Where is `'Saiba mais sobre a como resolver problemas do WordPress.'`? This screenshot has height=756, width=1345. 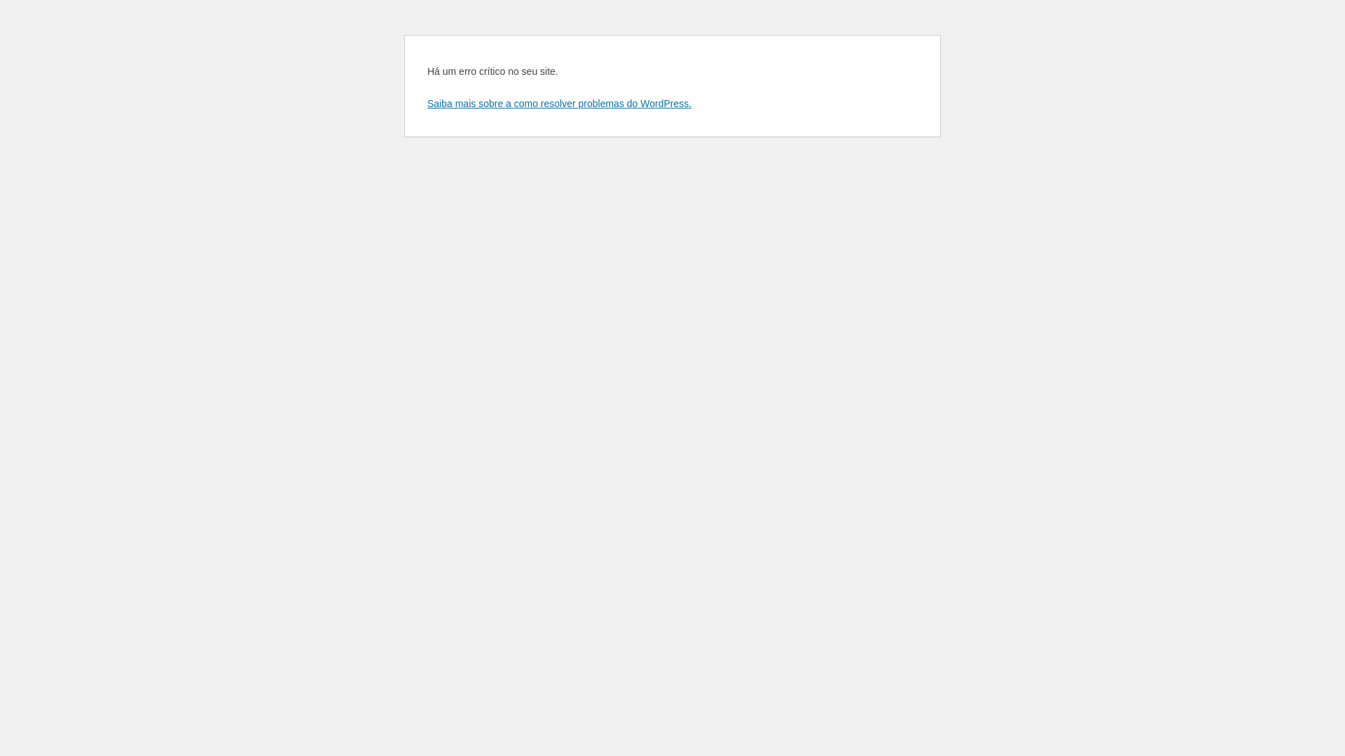
'Saiba mais sobre a como resolver problemas do WordPress.' is located at coordinates (558, 102).